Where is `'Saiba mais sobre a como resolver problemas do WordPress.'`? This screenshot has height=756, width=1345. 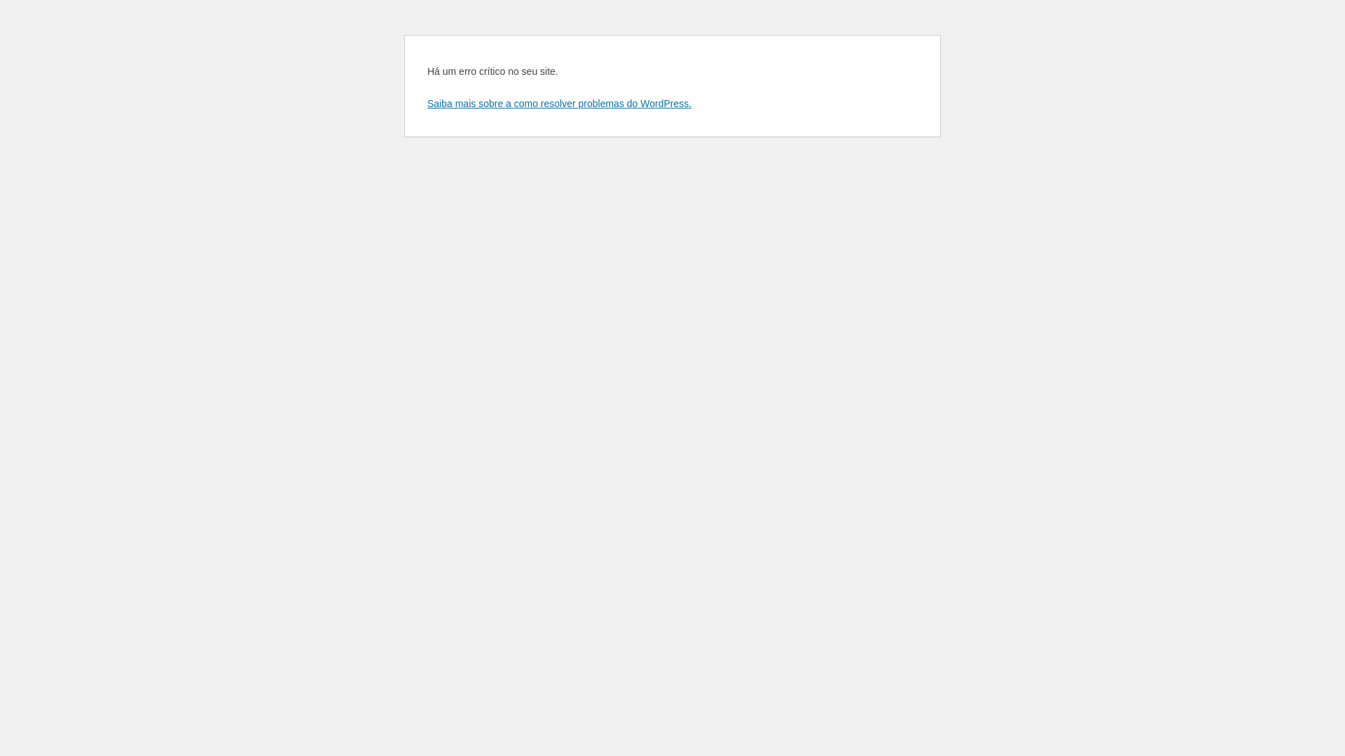
'Saiba mais sobre a como resolver problemas do WordPress.' is located at coordinates (558, 102).